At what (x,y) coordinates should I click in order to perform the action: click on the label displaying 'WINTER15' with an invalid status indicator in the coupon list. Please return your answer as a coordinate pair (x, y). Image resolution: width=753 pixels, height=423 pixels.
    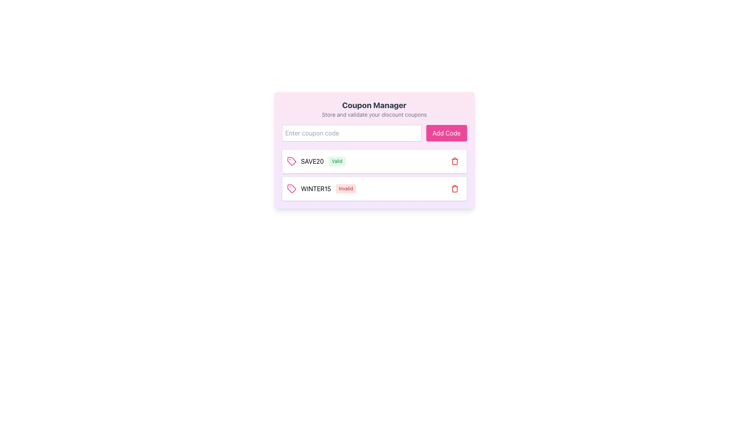
    Looking at the image, I should click on (321, 189).